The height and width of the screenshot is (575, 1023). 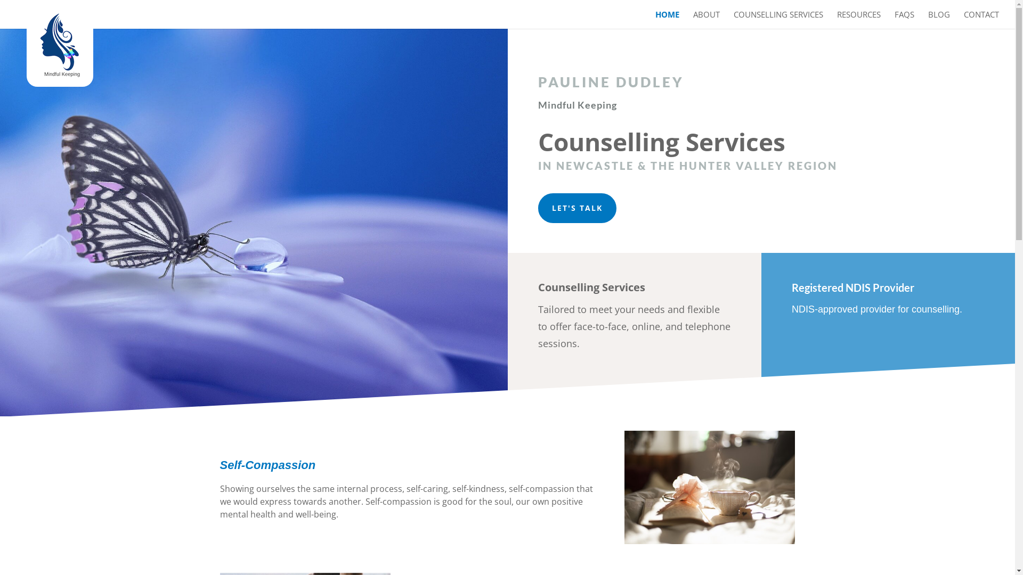 What do you see at coordinates (706, 20) in the screenshot?
I see `'ABOUT'` at bounding box center [706, 20].